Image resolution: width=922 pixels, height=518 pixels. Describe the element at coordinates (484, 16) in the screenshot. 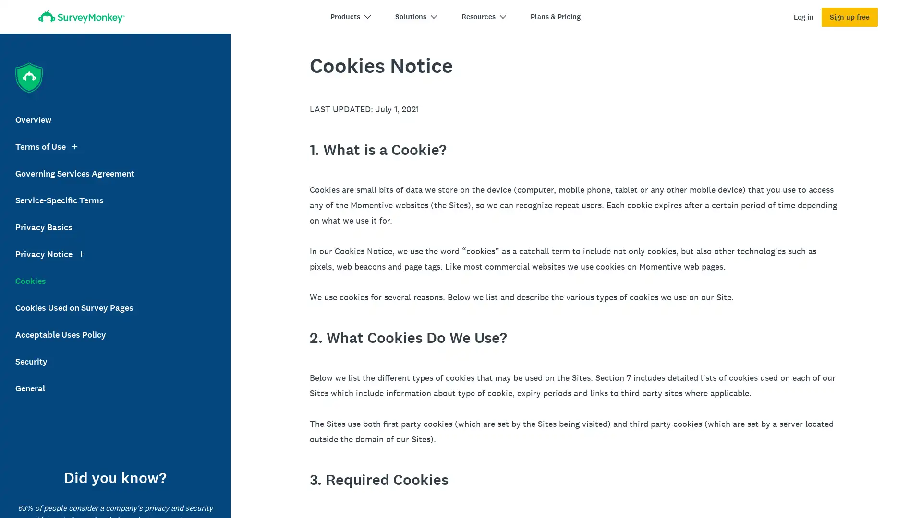

I see `Resources chevron-down` at that location.